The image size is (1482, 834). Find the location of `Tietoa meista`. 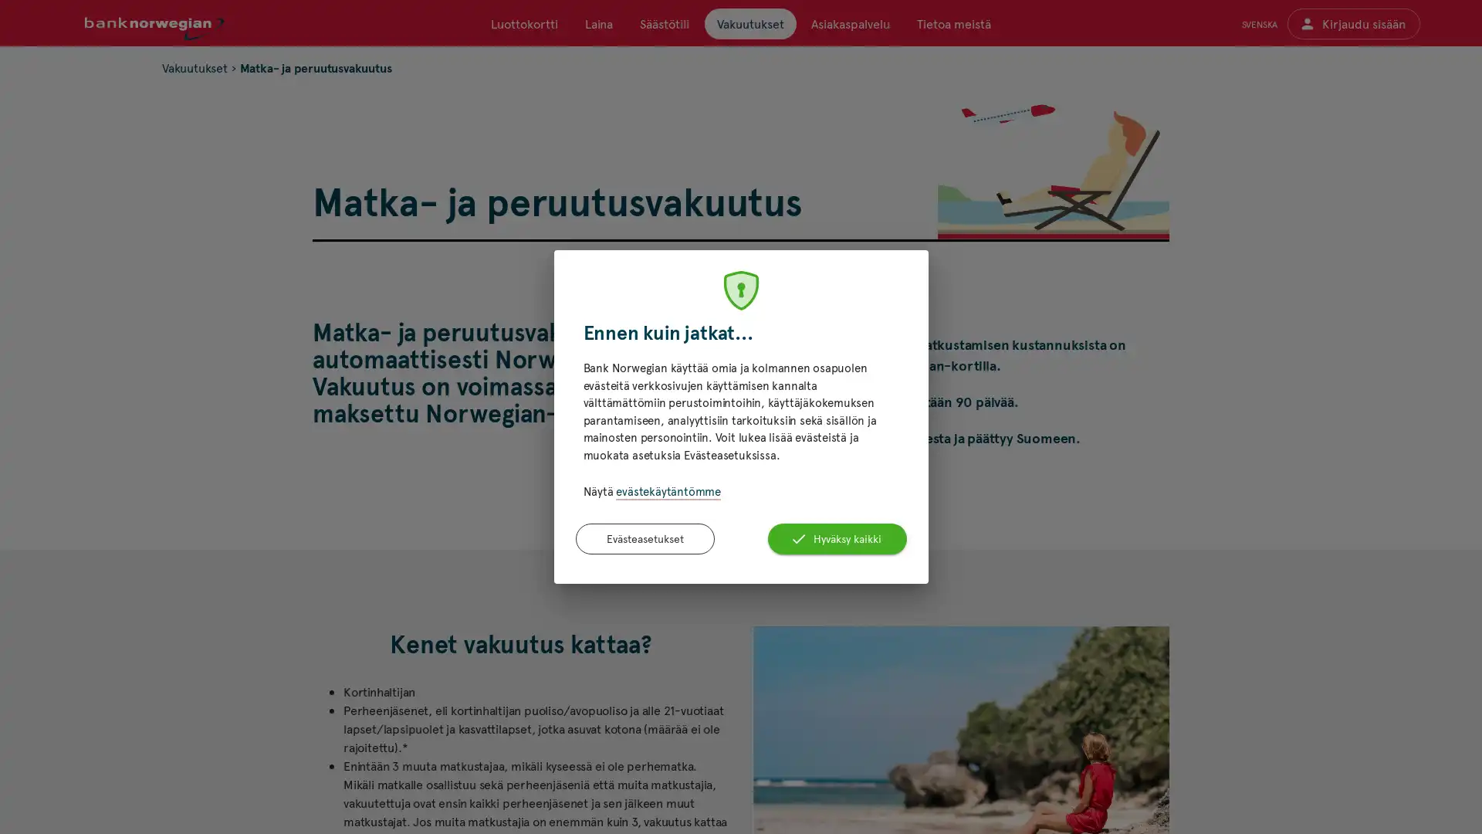

Tietoa meista is located at coordinates (952, 23).